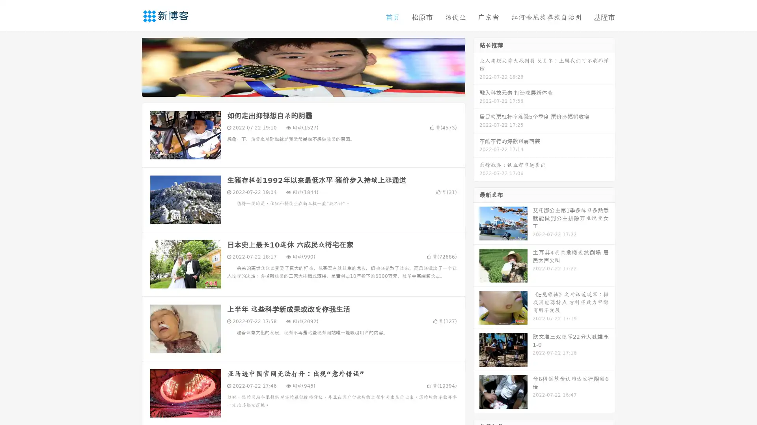 Image resolution: width=757 pixels, height=425 pixels. I want to click on Previous slide, so click(130, 66).